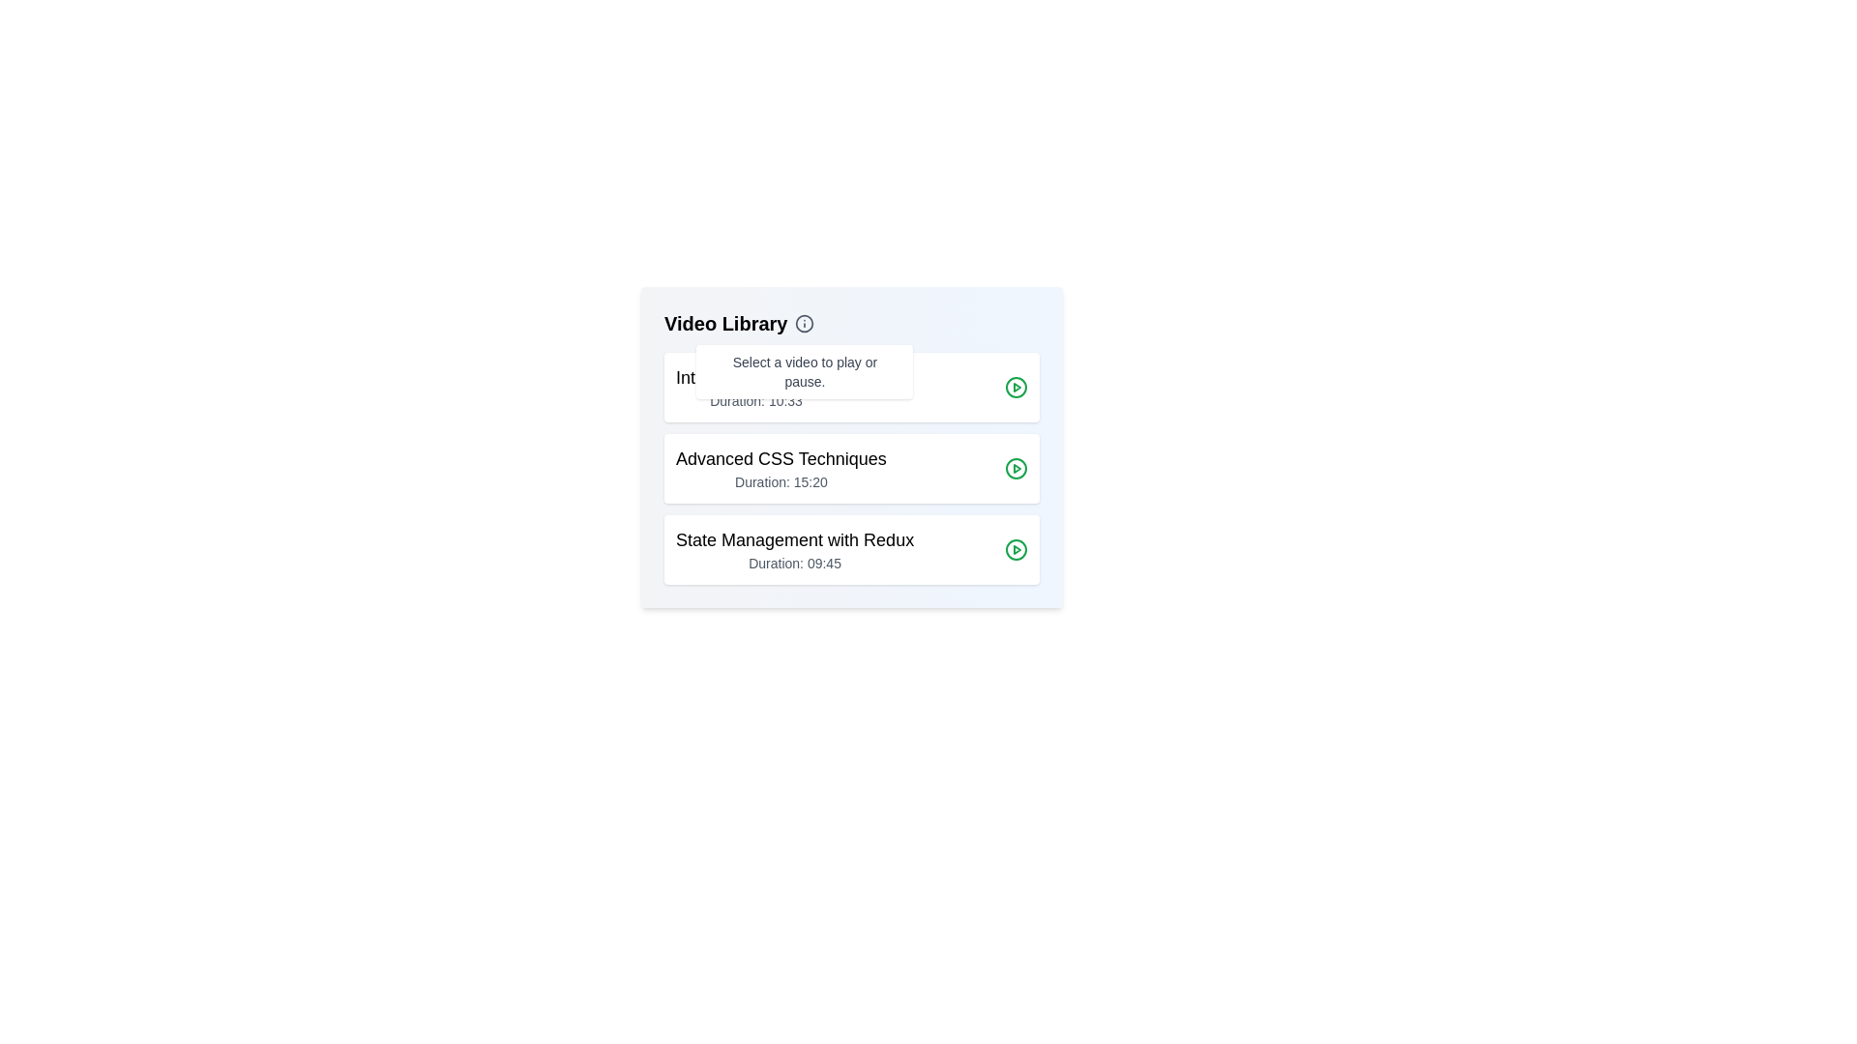 This screenshot has width=1857, height=1044. I want to click on the play button on the list item component for the video titled 'State Management with Redux', which is the third item in the 'Video Library', so click(851, 550).